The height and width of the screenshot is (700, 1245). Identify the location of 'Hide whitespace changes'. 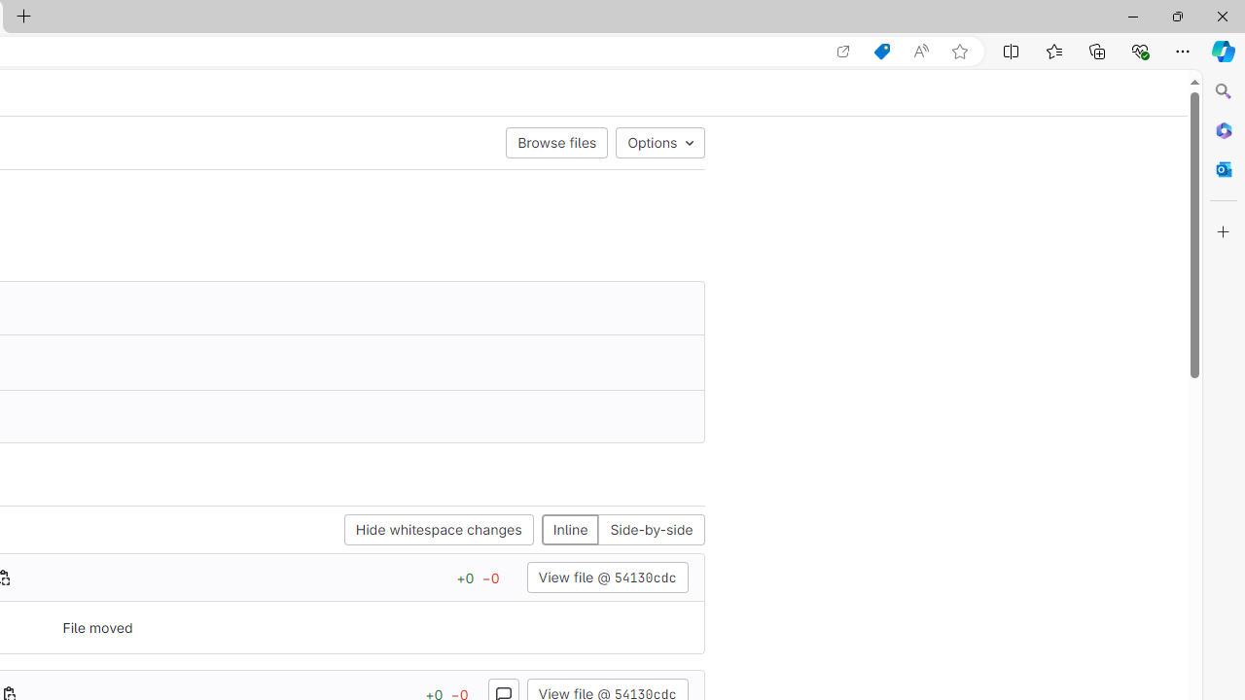
(438, 530).